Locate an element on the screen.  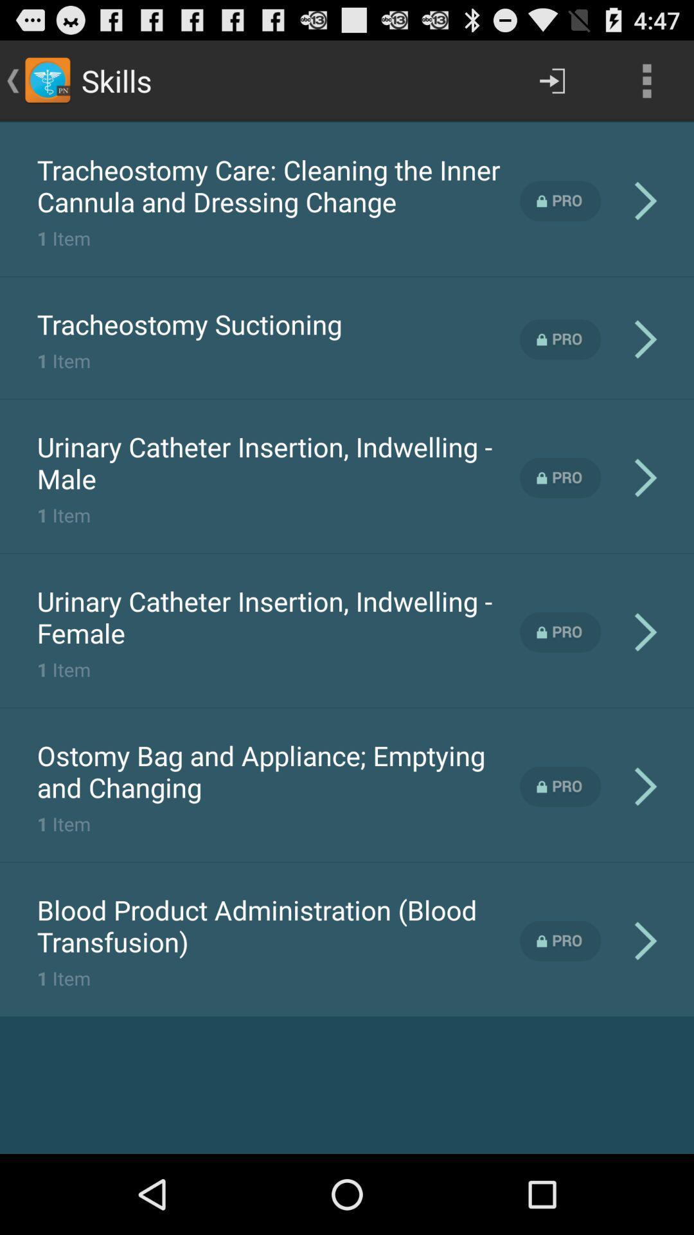
the icon below the 1 item app is located at coordinates (190, 324).